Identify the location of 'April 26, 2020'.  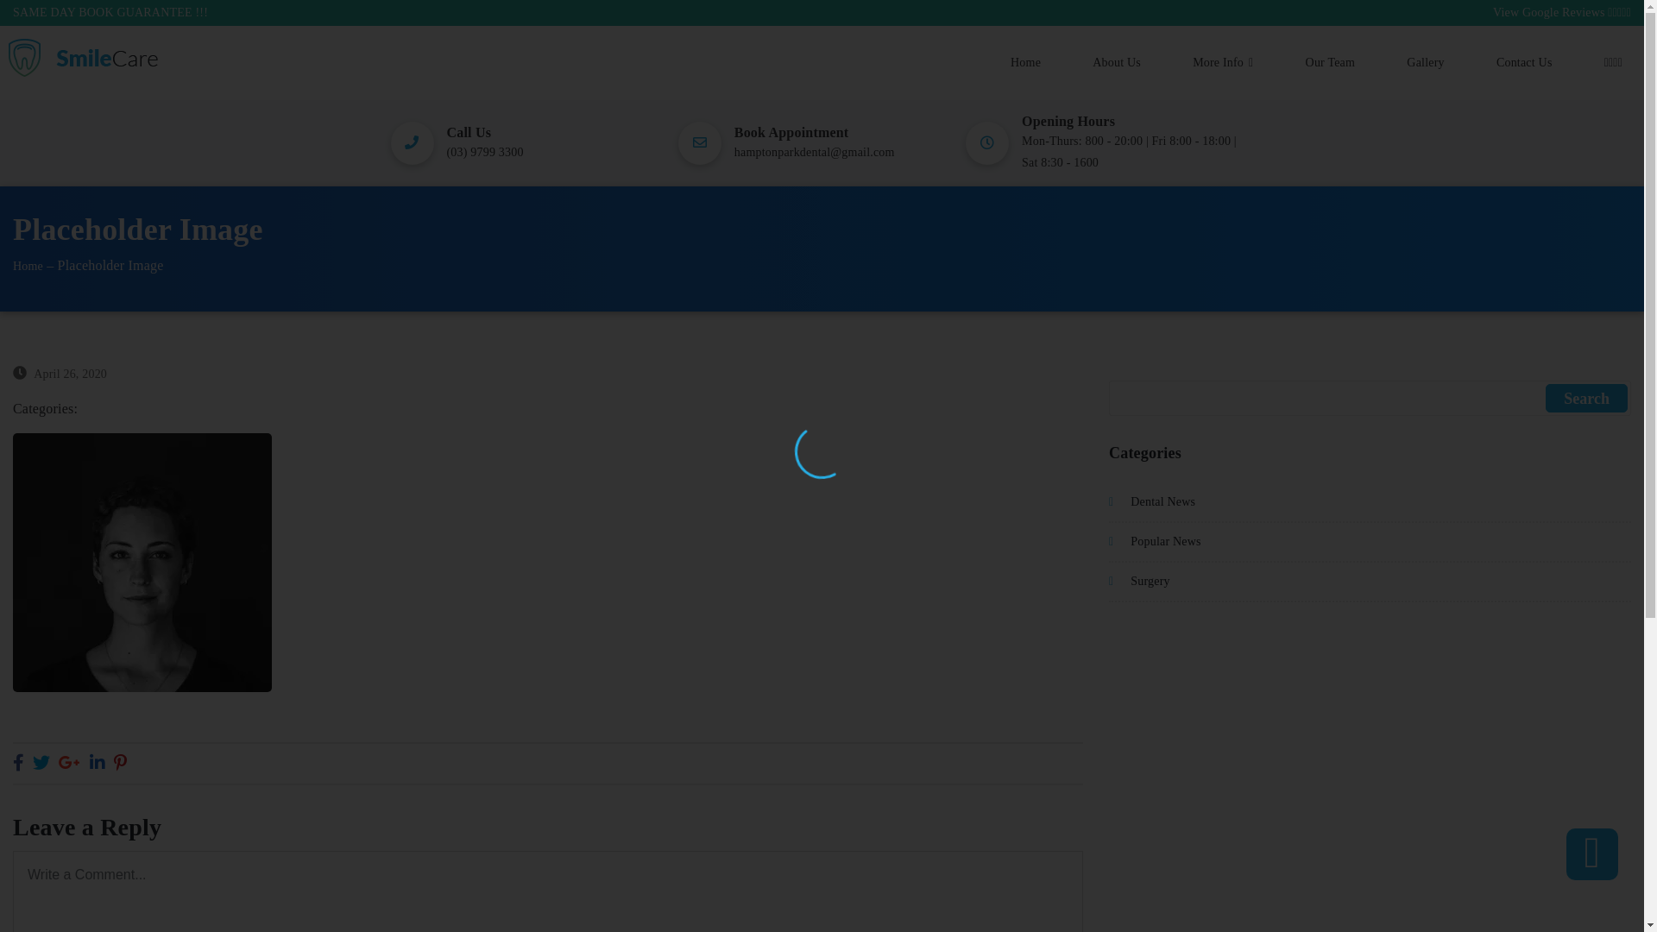
(69, 374).